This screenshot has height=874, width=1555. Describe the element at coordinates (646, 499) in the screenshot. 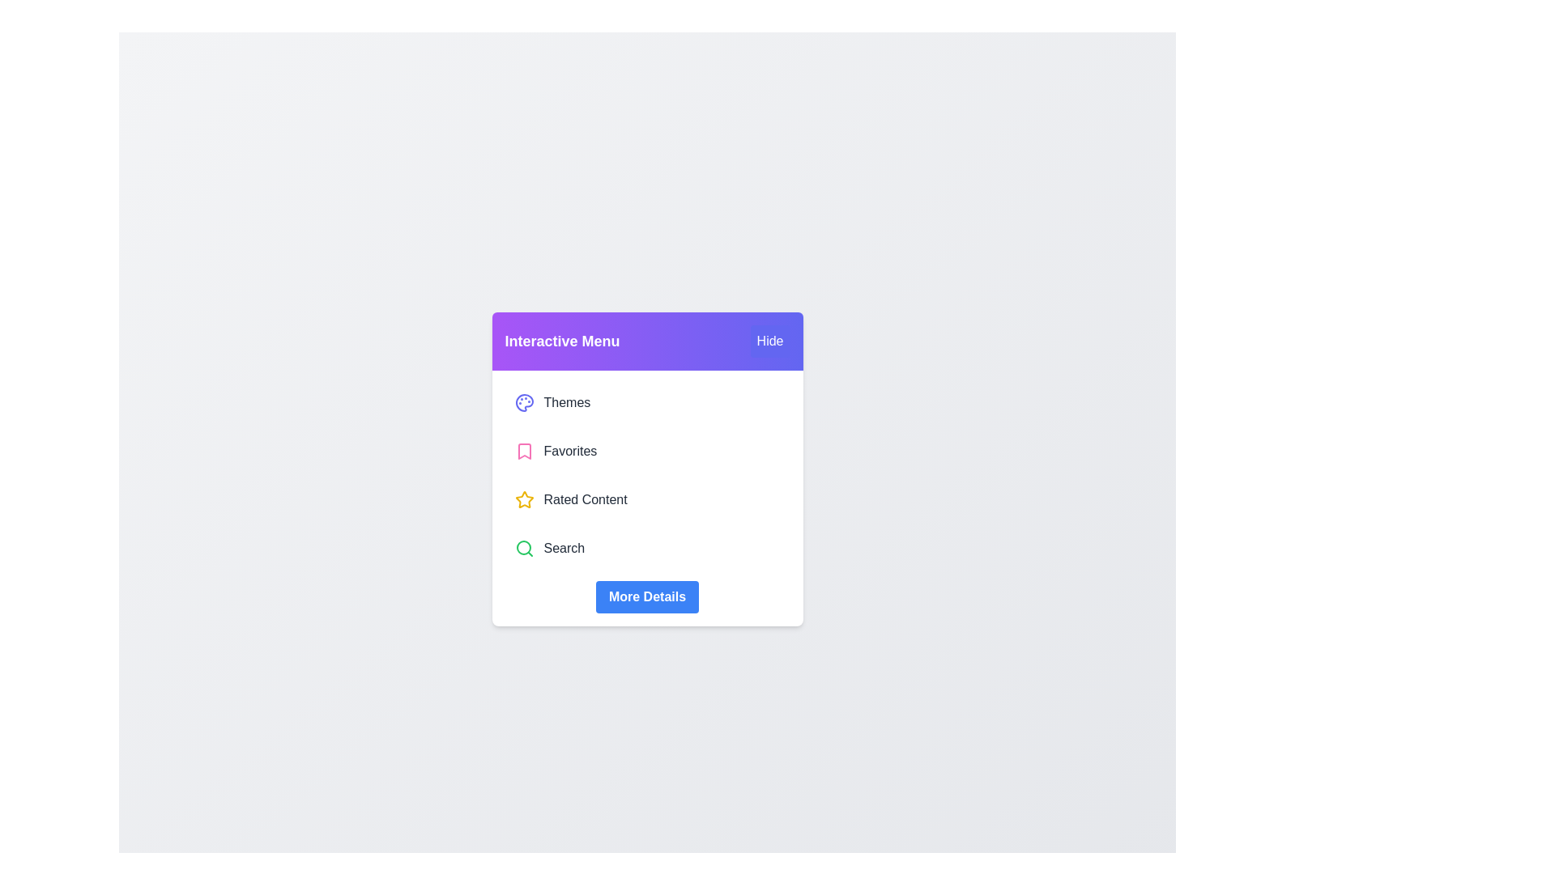

I see `the menu item labeled Rated Content` at that location.